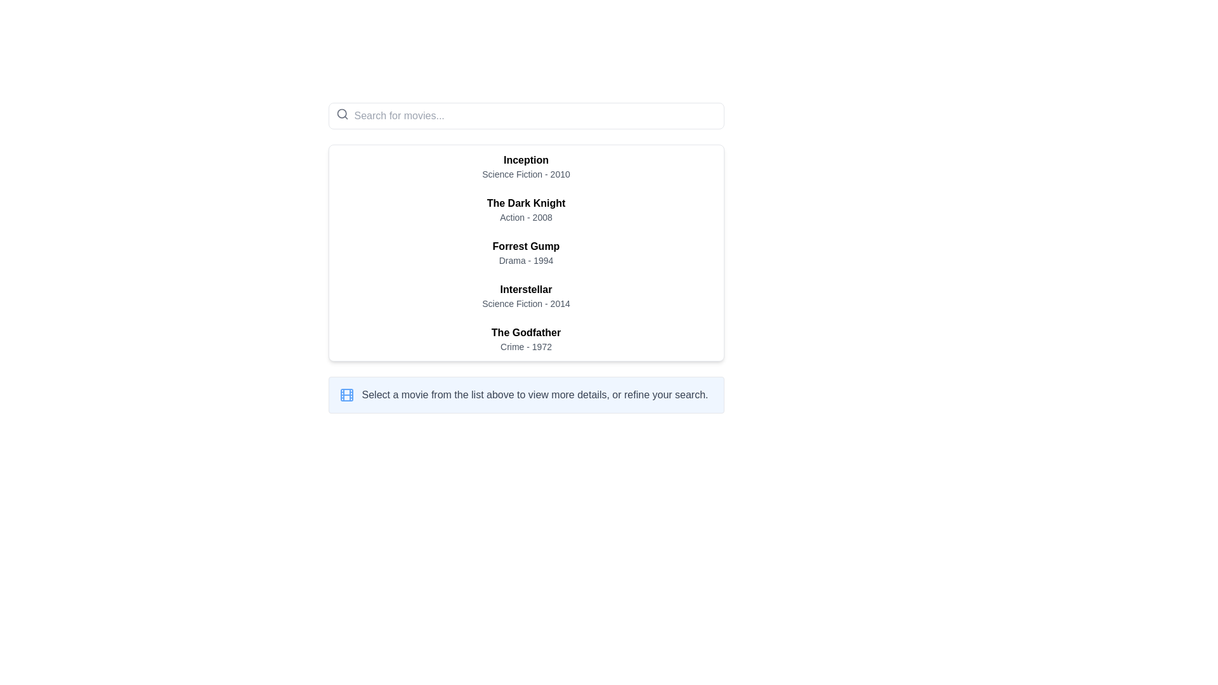 This screenshot has width=1218, height=685. What do you see at coordinates (526, 209) in the screenshot?
I see `the second movie list item that displays the movie title and details` at bounding box center [526, 209].